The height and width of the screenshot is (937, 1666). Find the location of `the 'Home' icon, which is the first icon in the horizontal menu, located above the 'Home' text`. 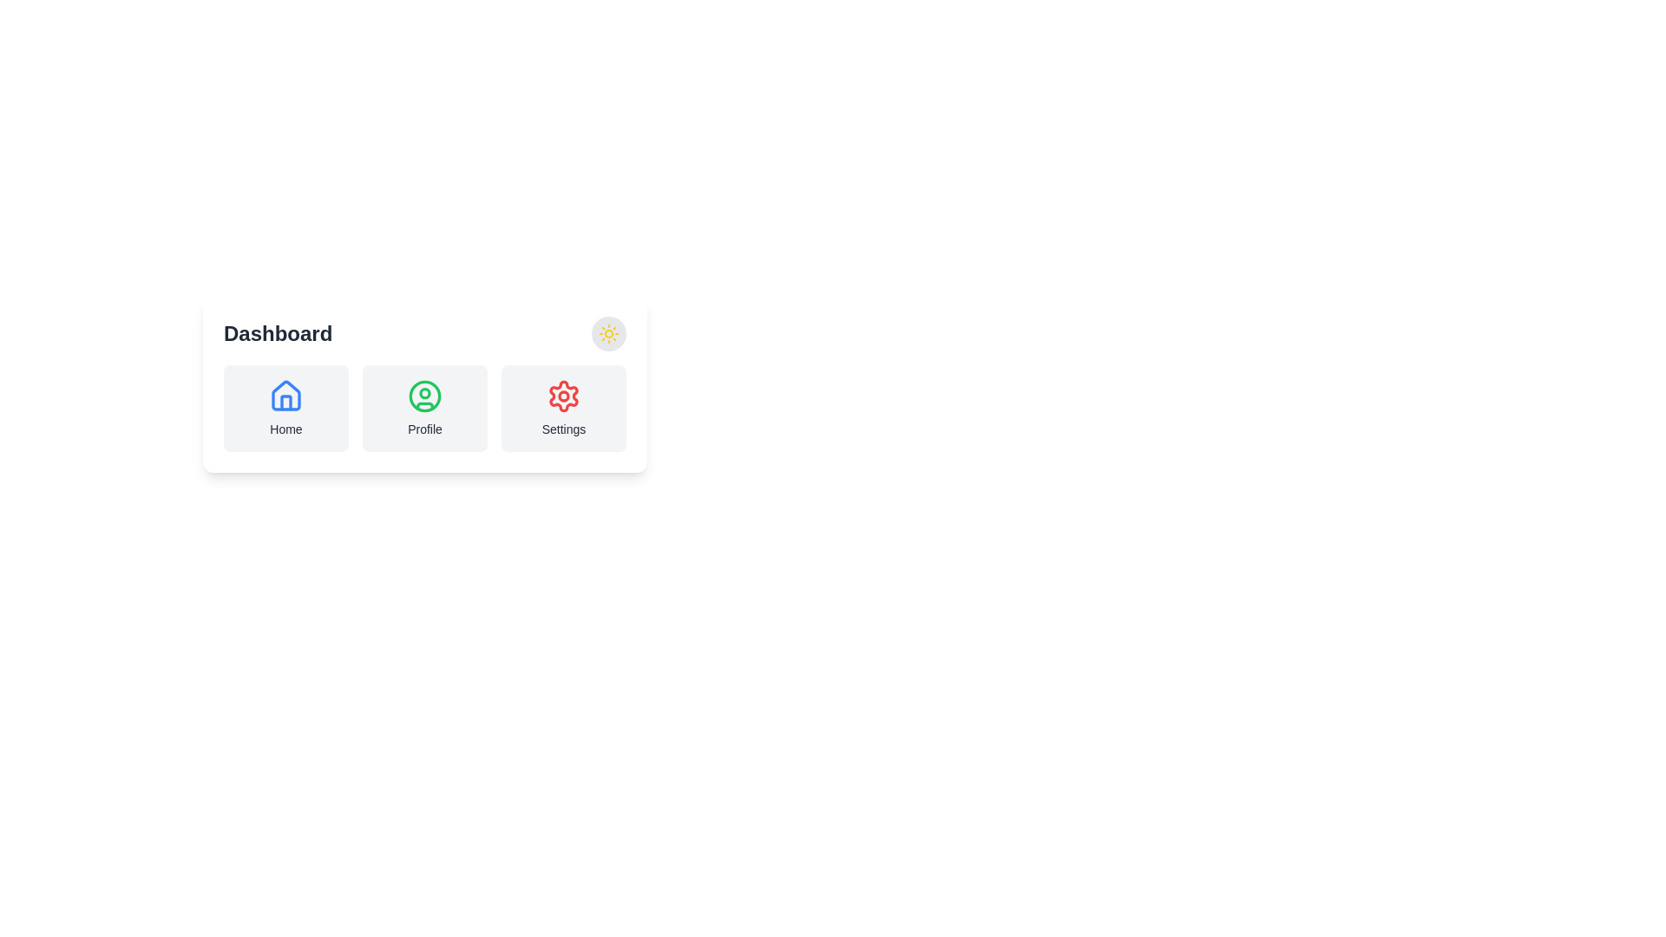

the 'Home' icon, which is the first icon in the horizontal menu, located above the 'Home' text is located at coordinates (286, 396).